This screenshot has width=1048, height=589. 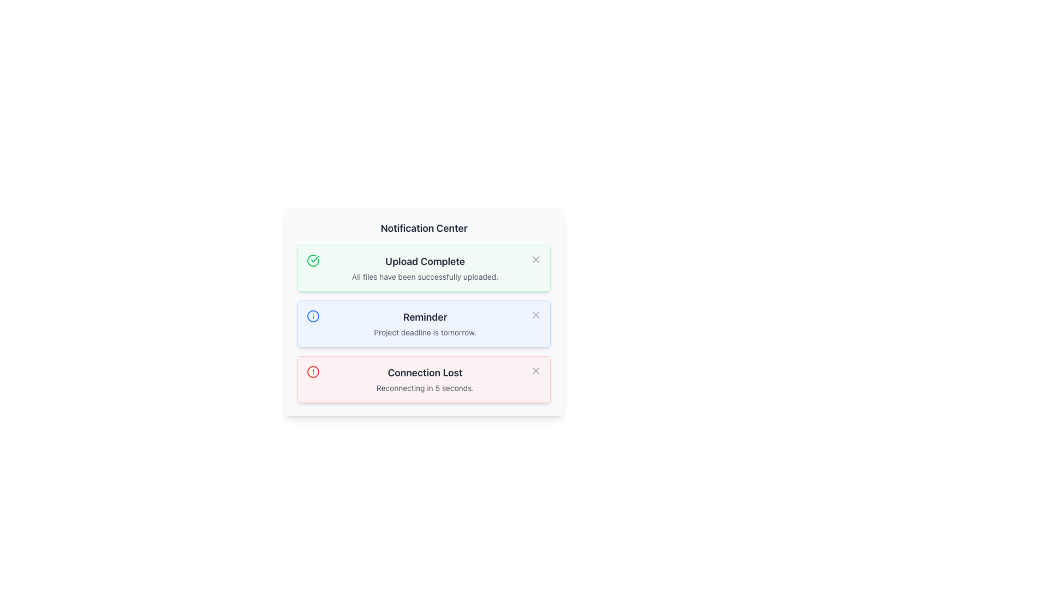 What do you see at coordinates (424, 378) in the screenshot?
I see `message displayed on the Notification Card with the title 'Connection Lost' and subtitle 'Reconnecting in 5 seconds.'` at bounding box center [424, 378].